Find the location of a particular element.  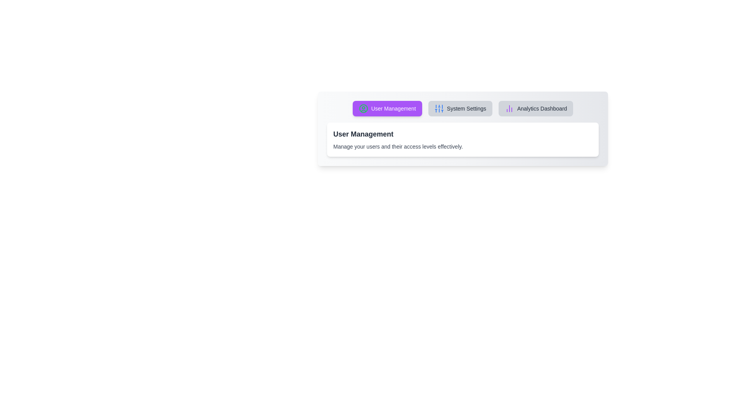

the User Management tab in the ManagementPortal component is located at coordinates (387, 109).